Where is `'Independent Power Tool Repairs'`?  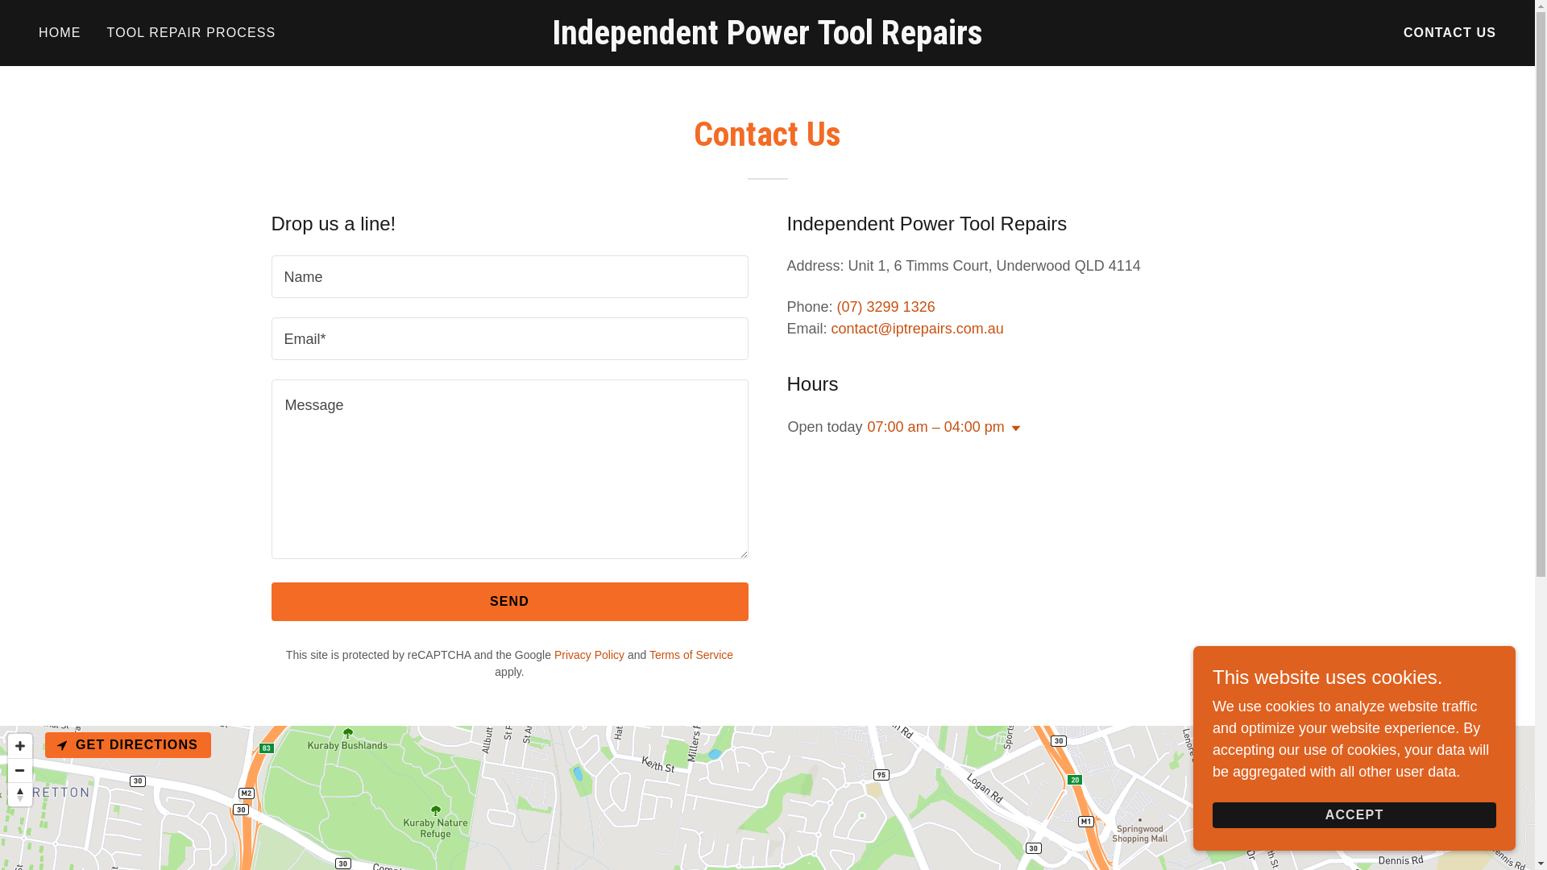
'Independent Power Tool Repairs' is located at coordinates (766, 39).